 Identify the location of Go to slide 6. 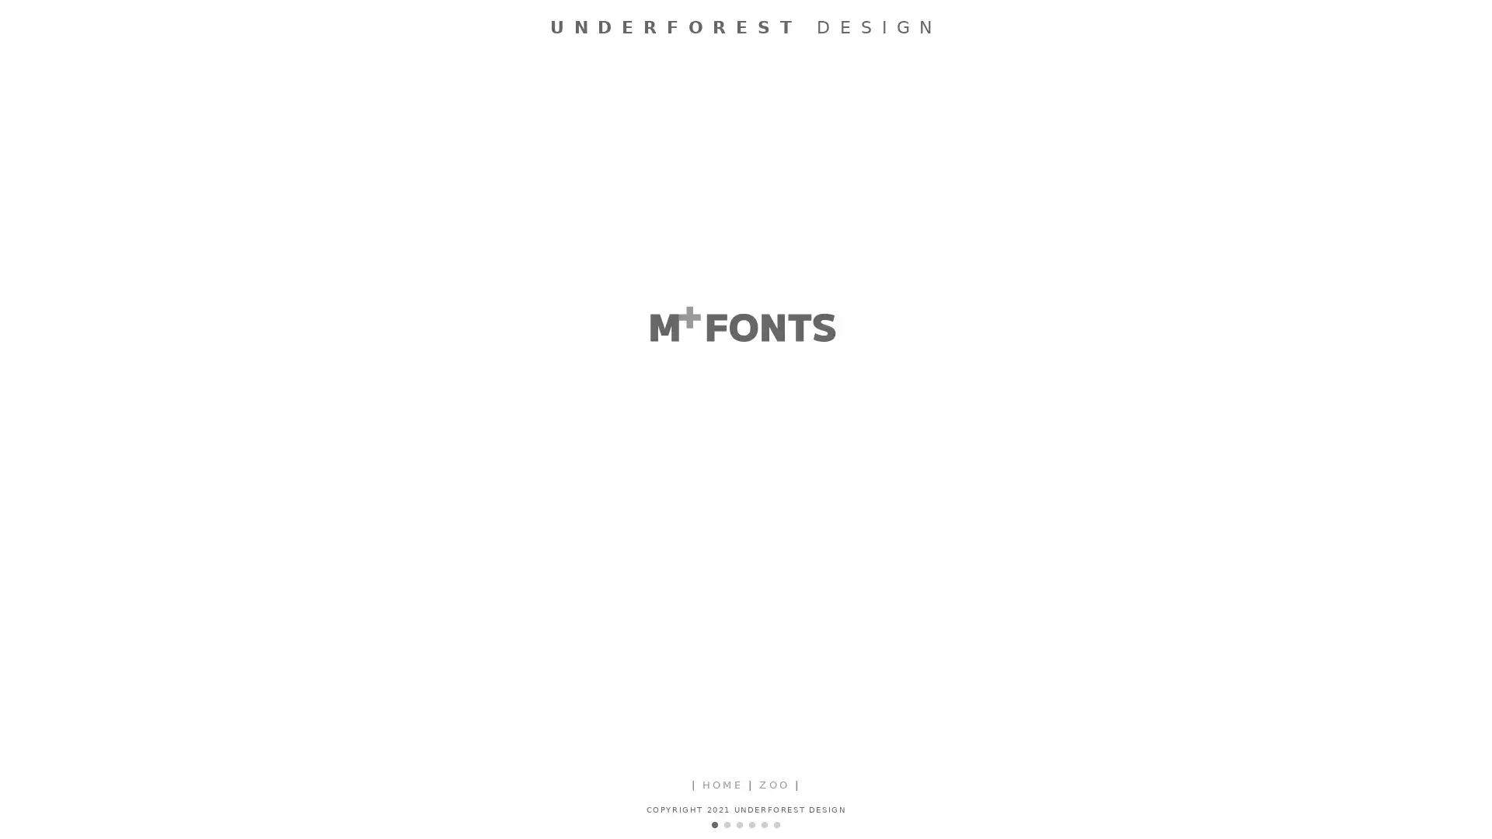
(776, 823).